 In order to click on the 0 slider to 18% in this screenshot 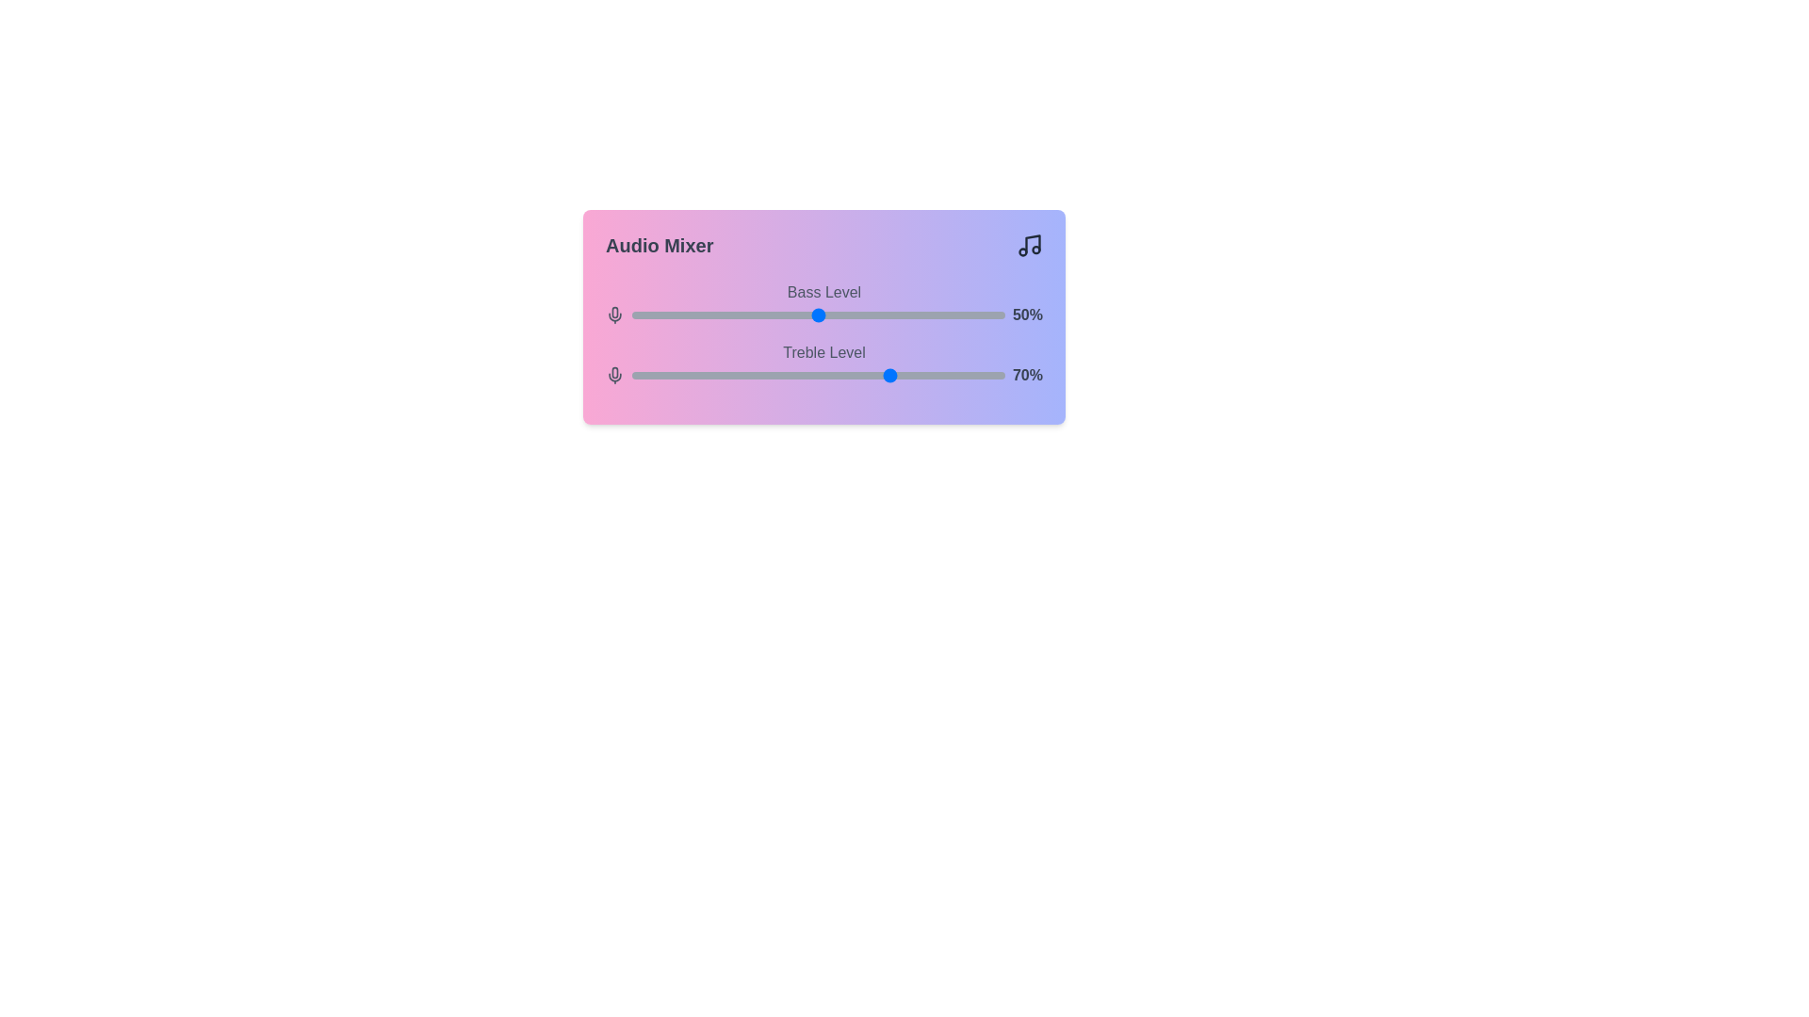, I will do `click(698, 315)`.